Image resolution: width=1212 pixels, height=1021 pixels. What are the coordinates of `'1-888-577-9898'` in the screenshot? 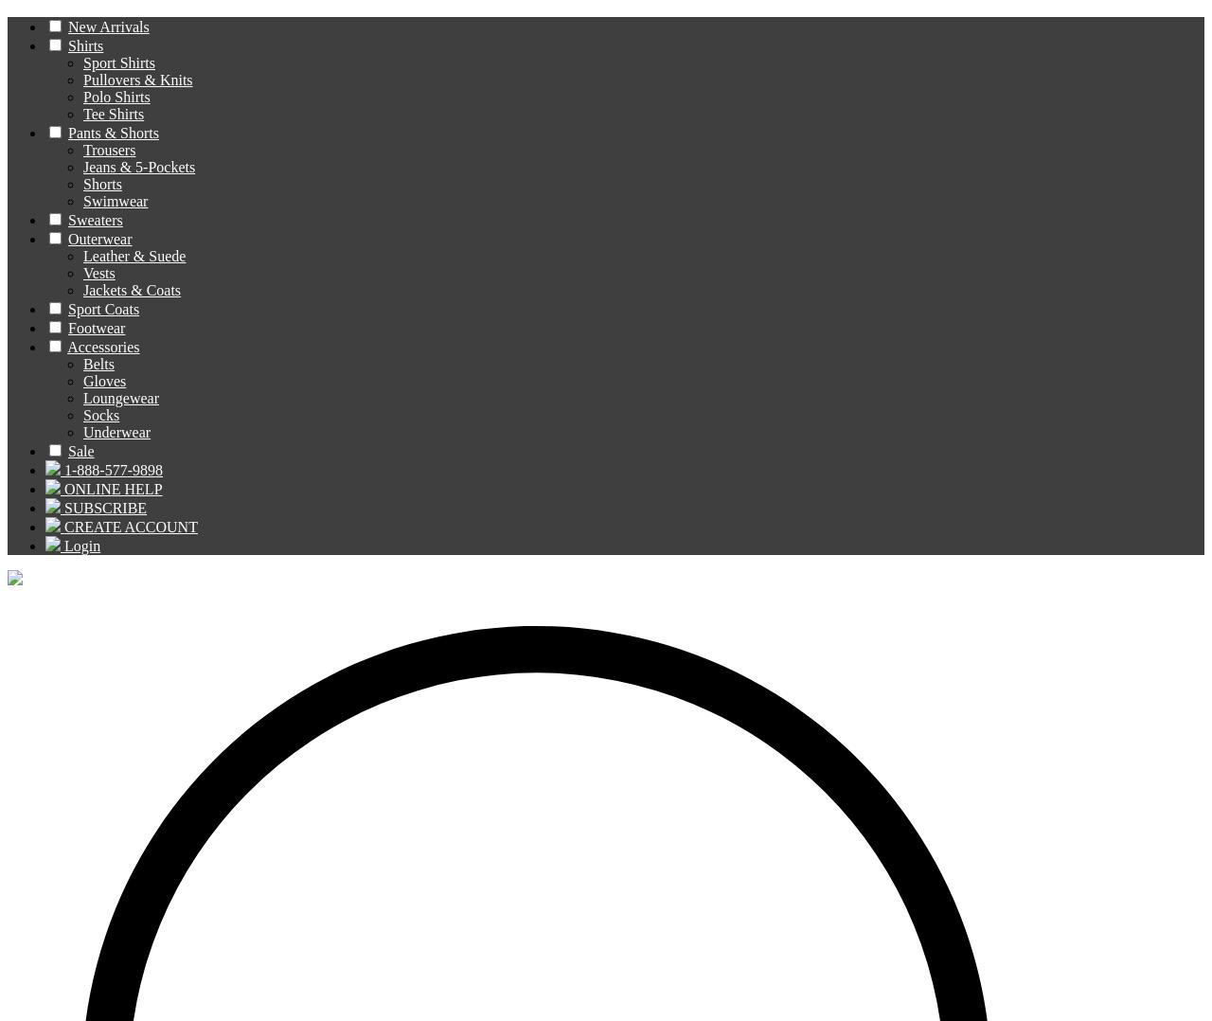 It's located at (63, 469).